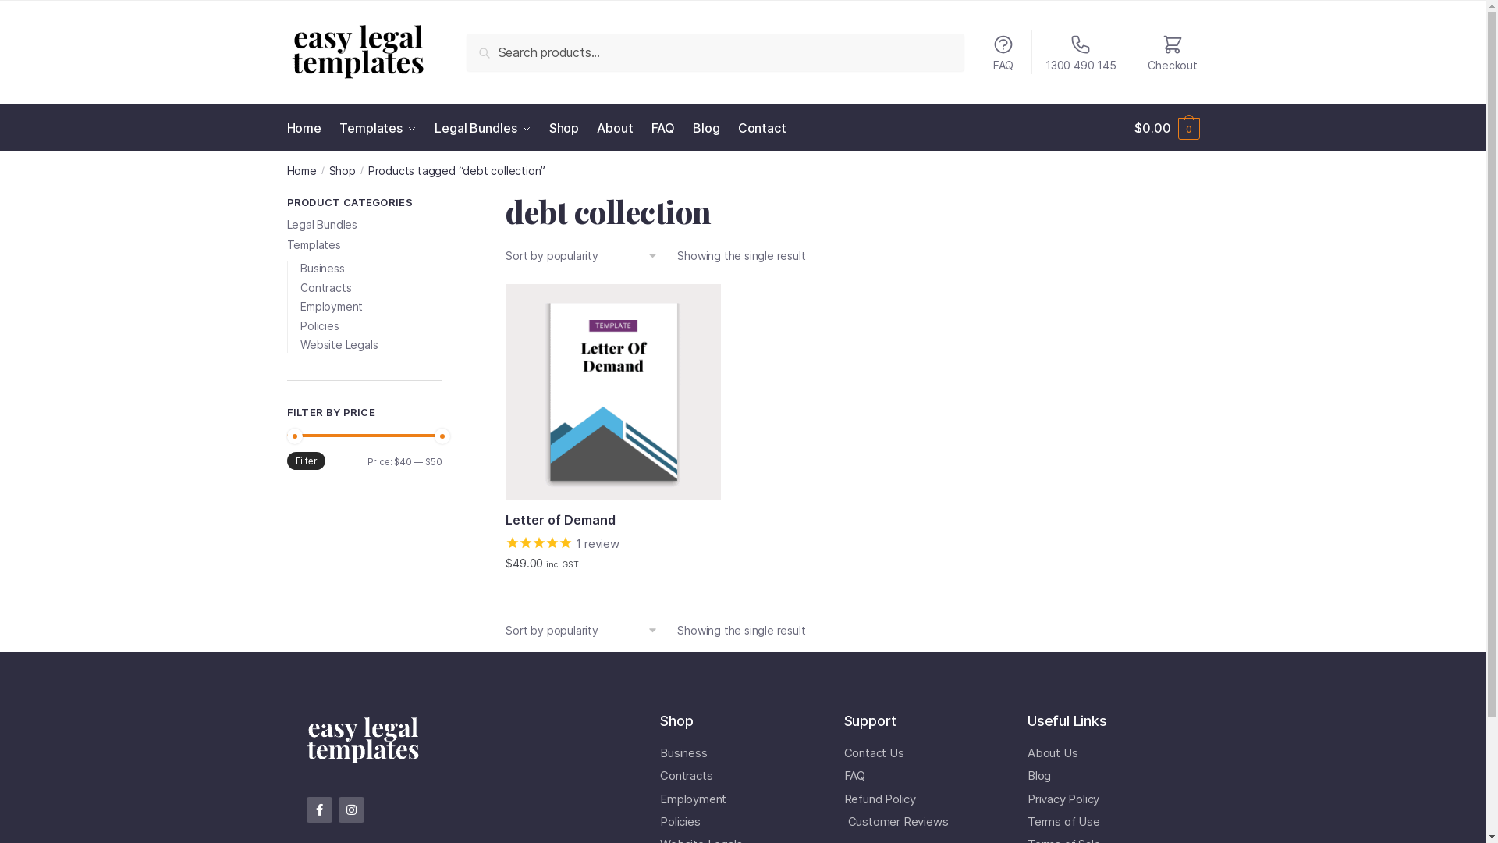 This screenshot has height=843, width=1498. Describe the element at coordinates (1102, 799) in the screenshot. I see `'Privacy Policy'` at that location.